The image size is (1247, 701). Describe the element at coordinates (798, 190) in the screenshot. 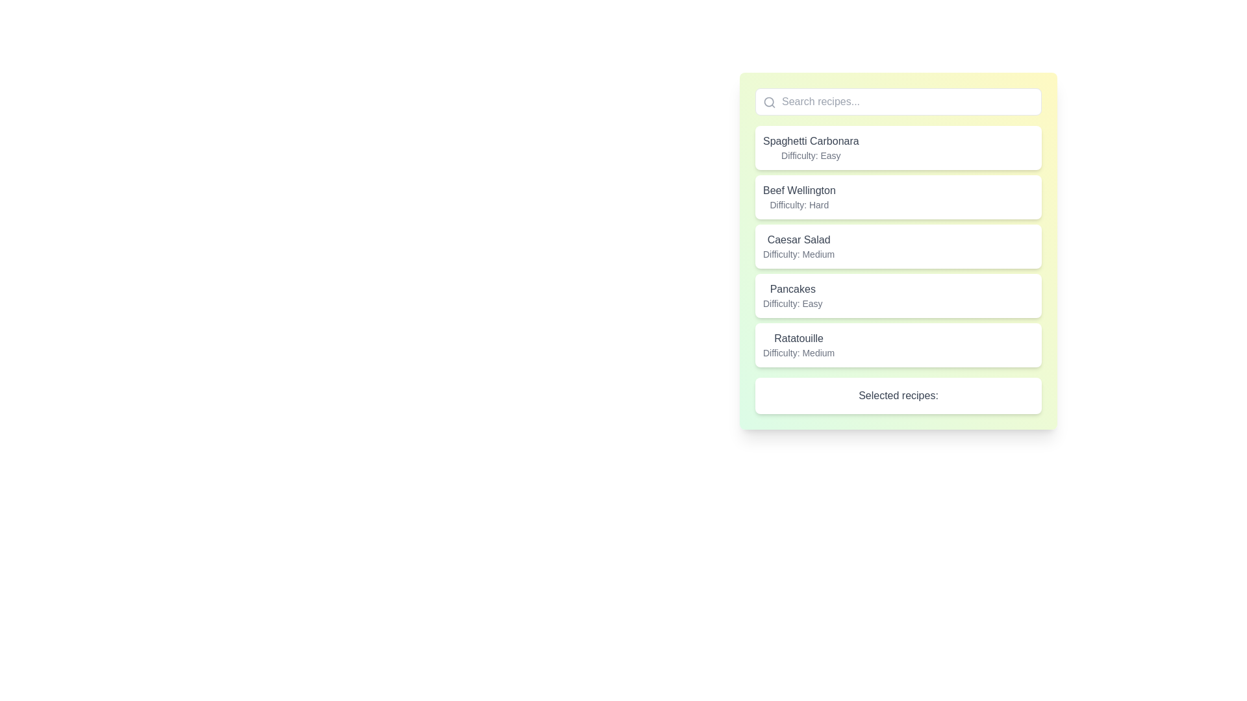

I see `text content of the recipe title located in the top middle-right section of the interface, which identifies the recipe and is positioned above 'Caesar Salad'` at that location.